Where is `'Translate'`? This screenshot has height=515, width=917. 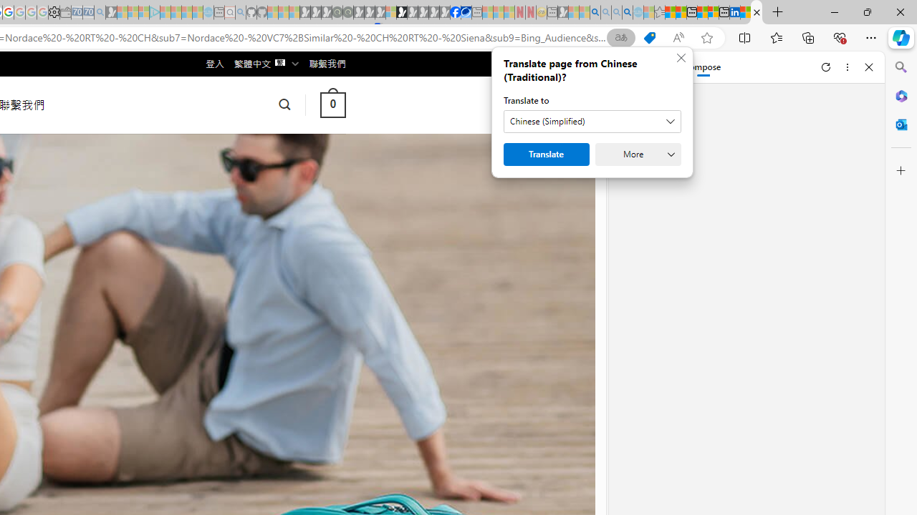 'Translate' is located at coordinates (545, 154).